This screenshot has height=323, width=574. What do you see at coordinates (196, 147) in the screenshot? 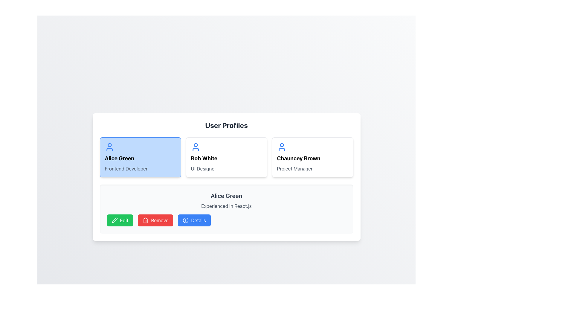
I see `the profile icon representing 'Bob White', located in the second profile card from the left in the 'User Profiles' section, positioned in the upper-left corner above the name 'Bob White'` at bounding box center [196, 147].